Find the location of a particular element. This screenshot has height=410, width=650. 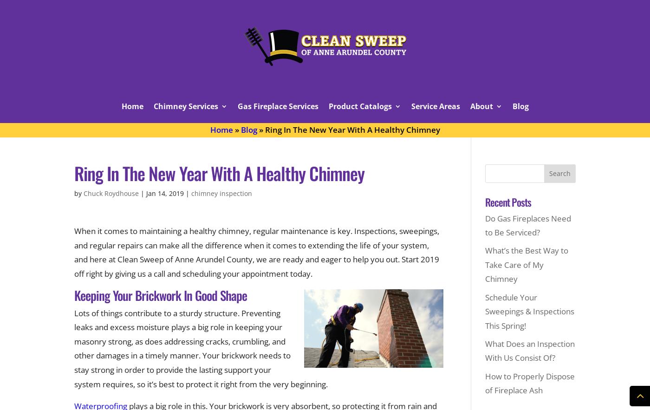

'What’s the Best Way to Take Care of My Chimney' is located at coordinates (526, 264).